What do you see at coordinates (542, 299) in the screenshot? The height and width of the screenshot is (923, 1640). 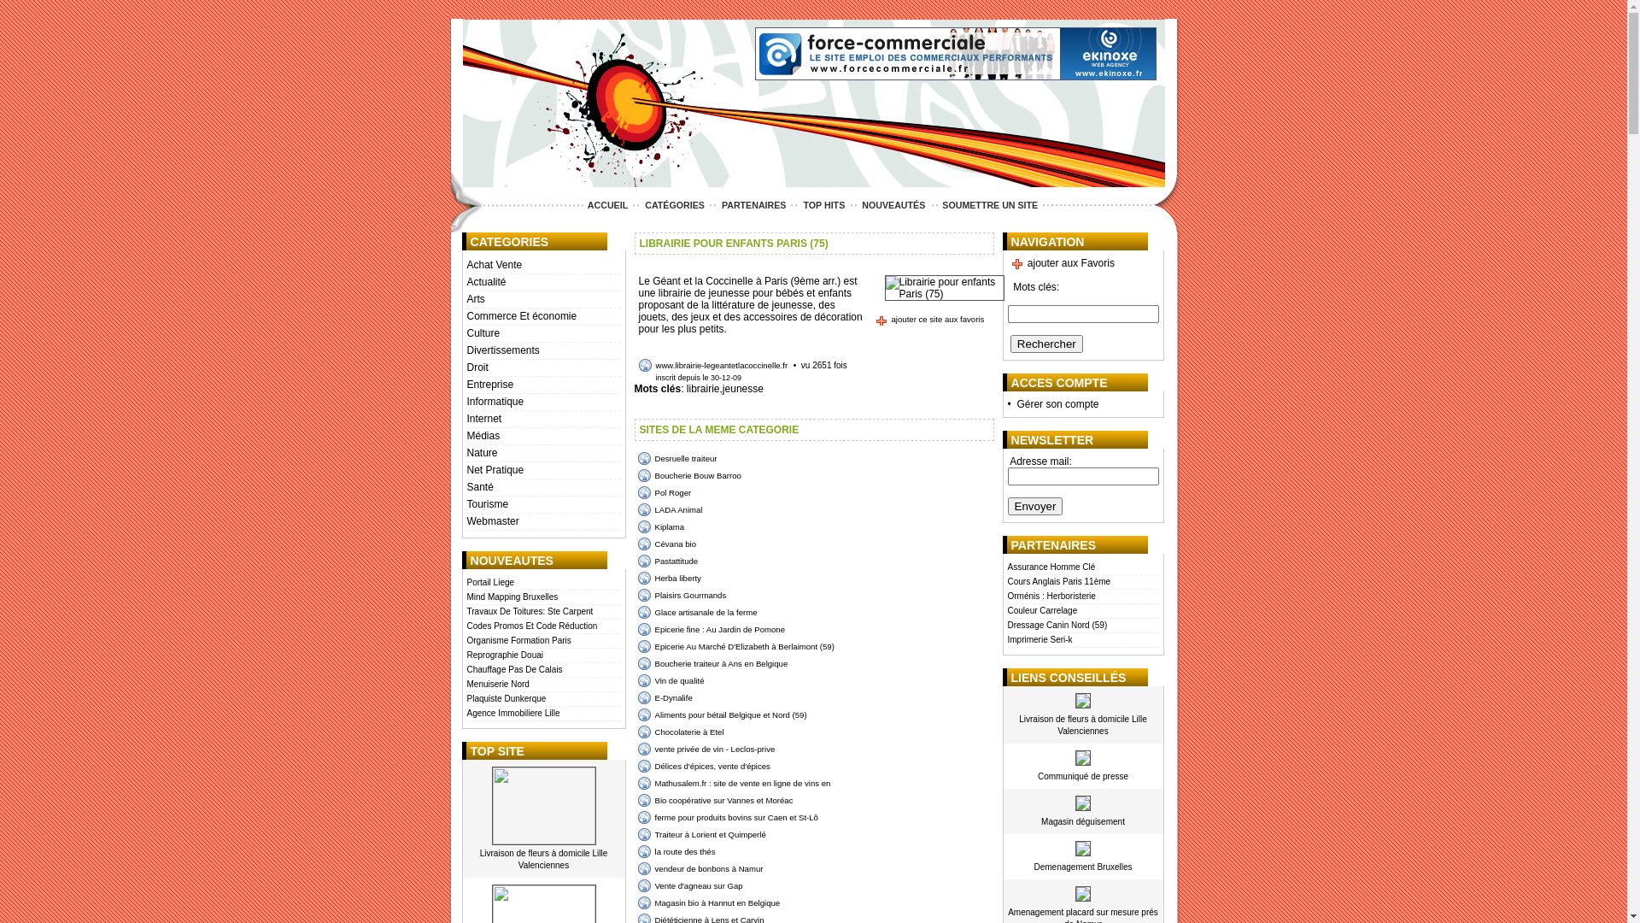 I see `'Arts'` at bounding box center [542, 299].